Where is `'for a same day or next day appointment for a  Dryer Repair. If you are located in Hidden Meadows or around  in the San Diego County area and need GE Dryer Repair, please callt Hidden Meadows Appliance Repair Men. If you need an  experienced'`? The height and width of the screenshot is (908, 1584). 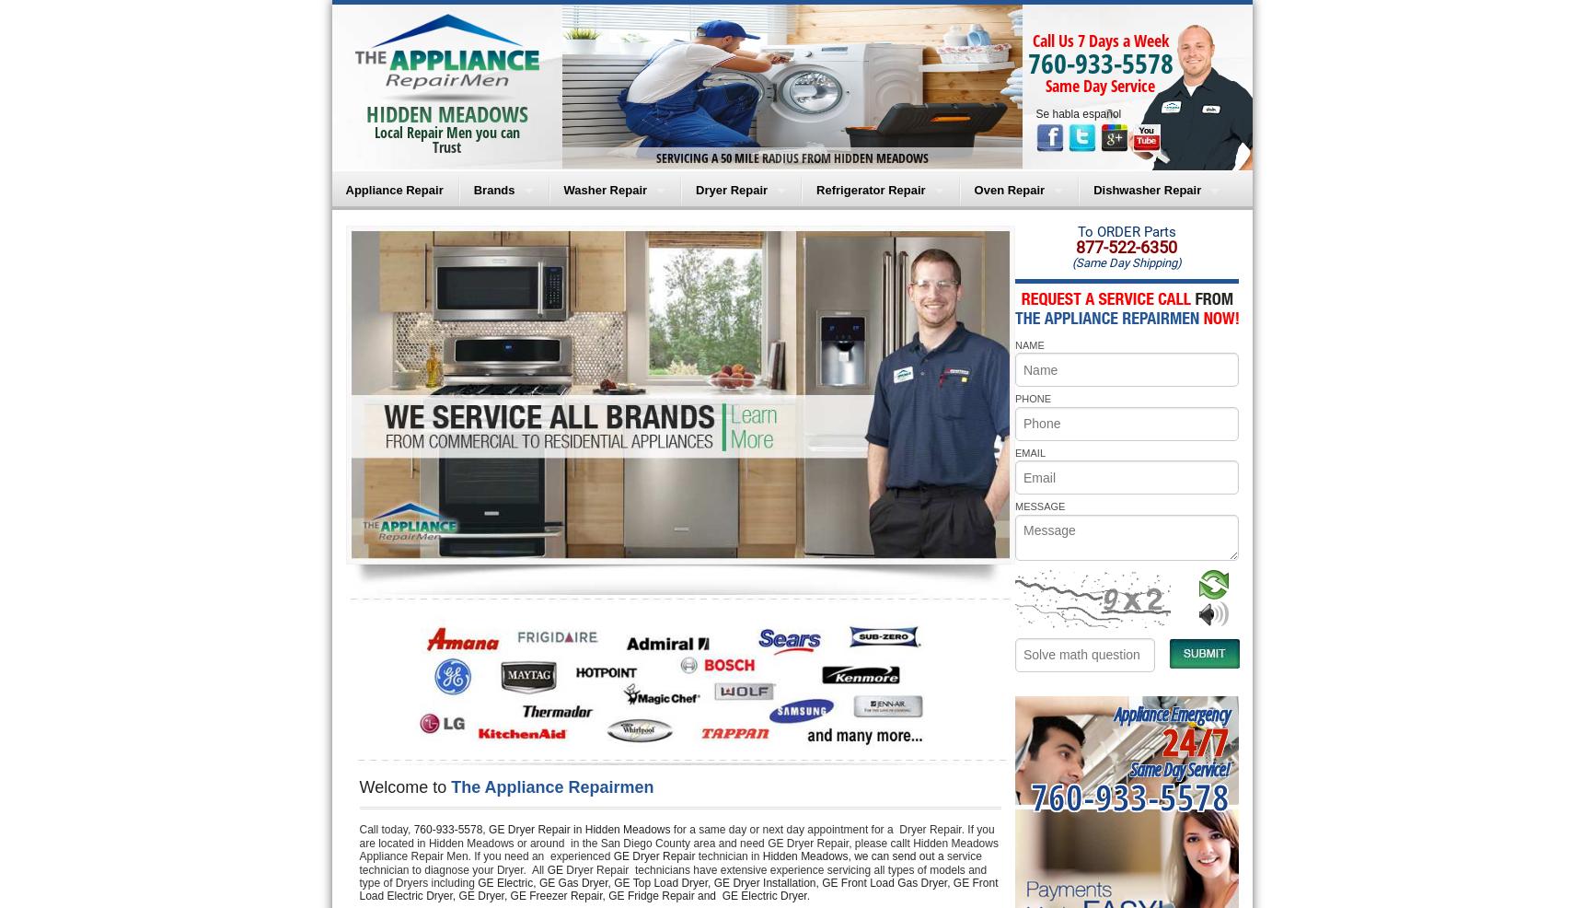 'for a same day or next day appointment for a  Dryer Repair. If you are located in Hidden Meadows or around  in the San Diego County area and need GE Dryer Repair, please callt Hidden Meadows Appliance Repair Men. If you need an  experienced' is located at coordinates (679, 843).